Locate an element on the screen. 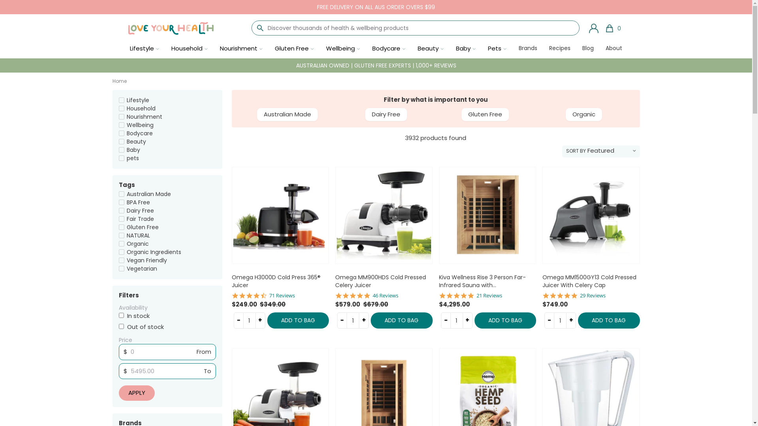  'Pets' is located at coordinates (486, 49).